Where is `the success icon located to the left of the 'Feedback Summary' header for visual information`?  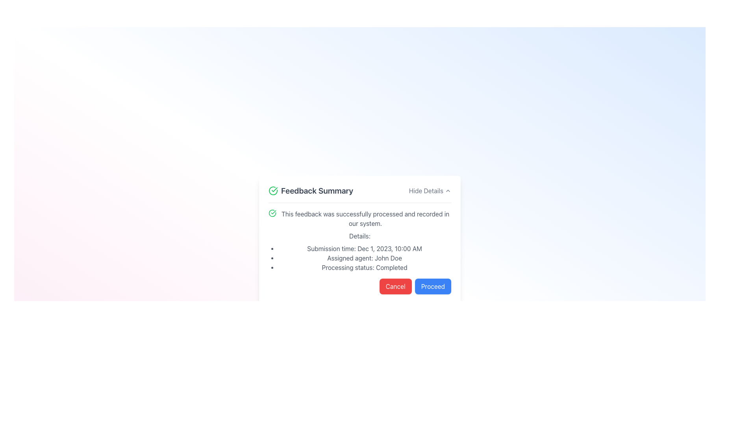 the success icon located to the left of the 'Feedback Summary' header for visual information is located at coordinates (273, 190).